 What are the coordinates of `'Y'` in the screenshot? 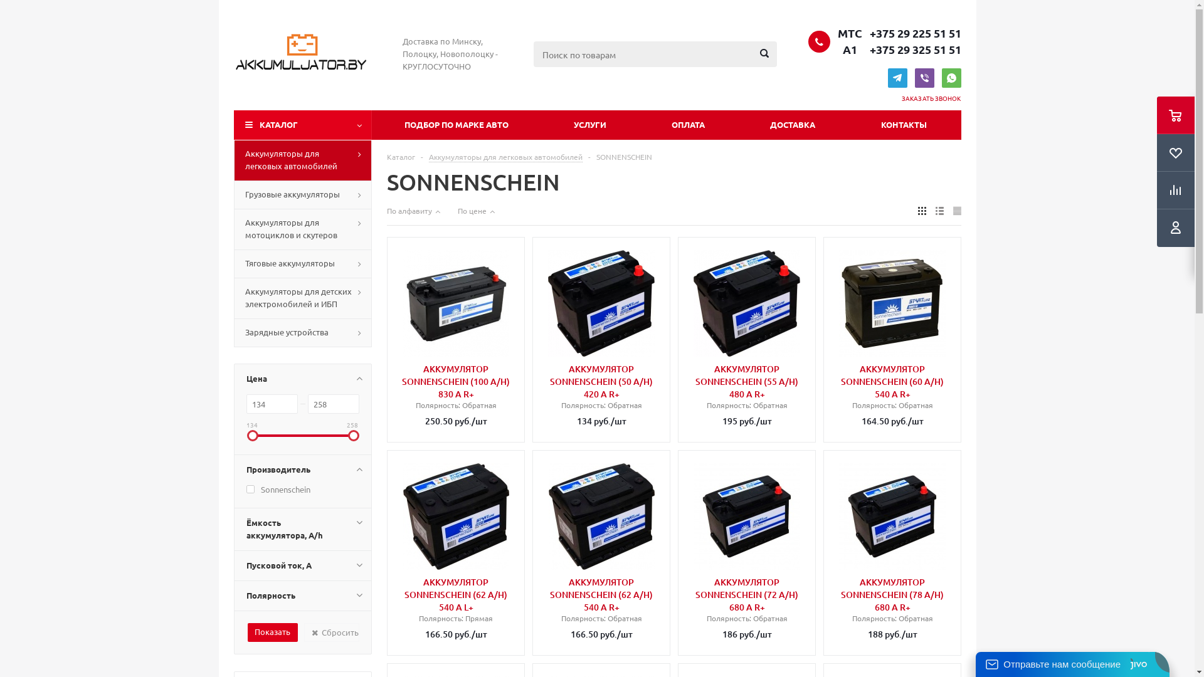 It's located at (4, 4).